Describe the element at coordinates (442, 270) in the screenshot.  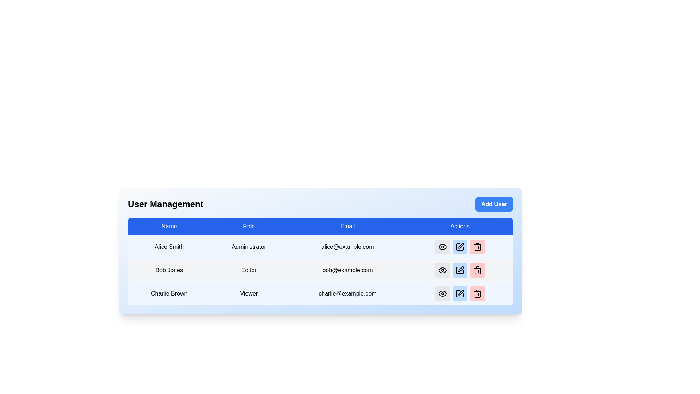
I see `the icon-based button` at that location.